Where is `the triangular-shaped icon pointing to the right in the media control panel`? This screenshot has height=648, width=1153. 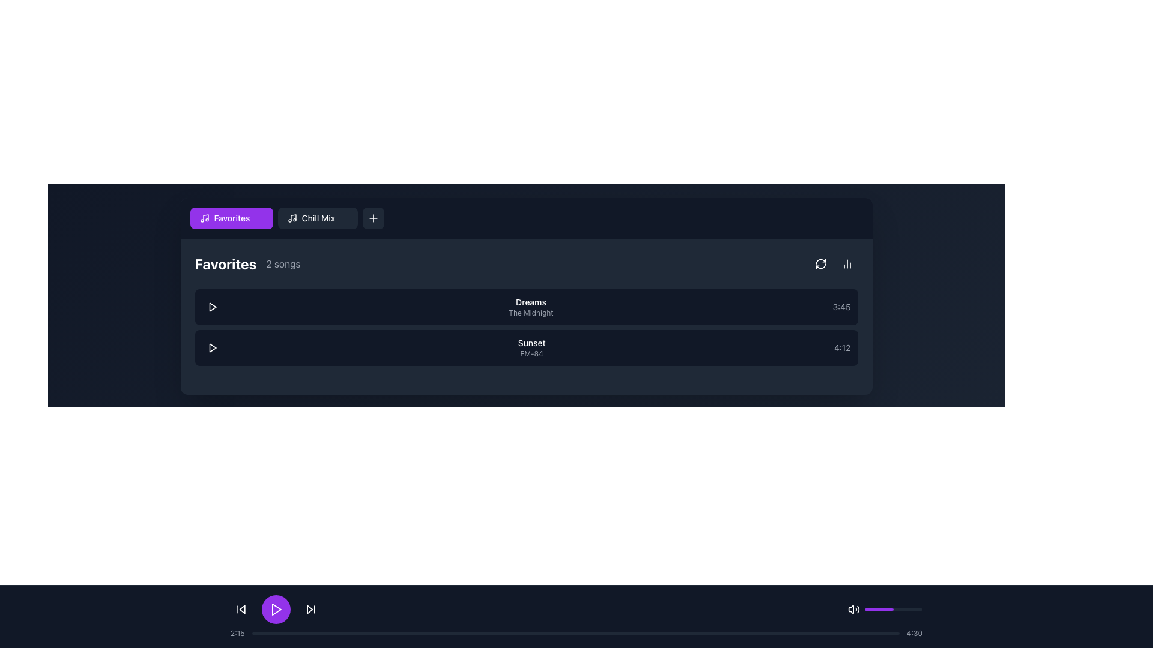
the triangular-shaped icon pointing to the right in the media control panel is located at coordinates (310, 609).